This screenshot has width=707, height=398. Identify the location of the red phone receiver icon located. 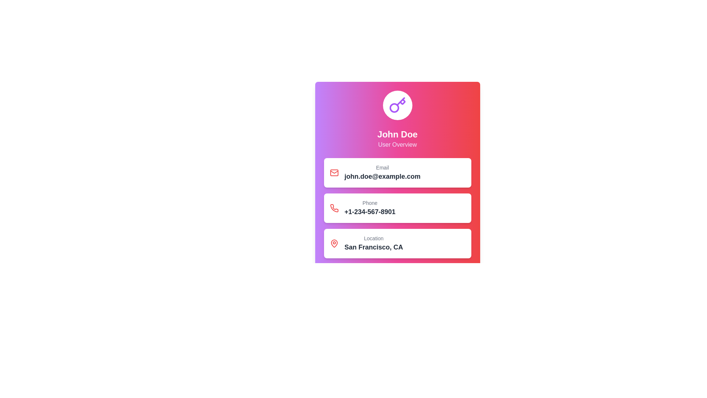
(334, 208).